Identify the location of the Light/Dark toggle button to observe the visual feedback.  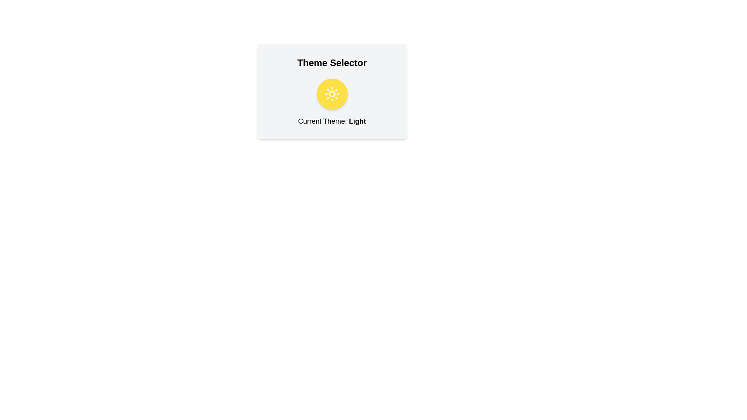
(332, 94).